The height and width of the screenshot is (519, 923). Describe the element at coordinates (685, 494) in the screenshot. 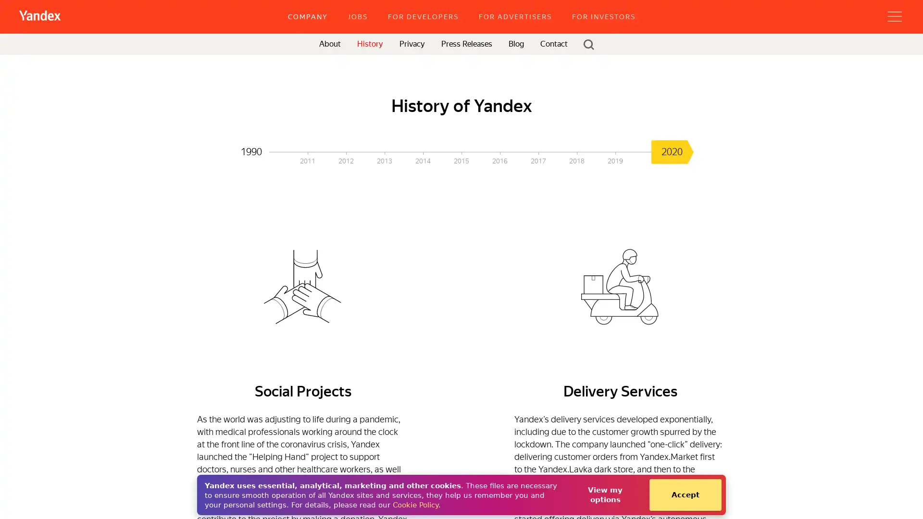

I see `Accept` at that location.